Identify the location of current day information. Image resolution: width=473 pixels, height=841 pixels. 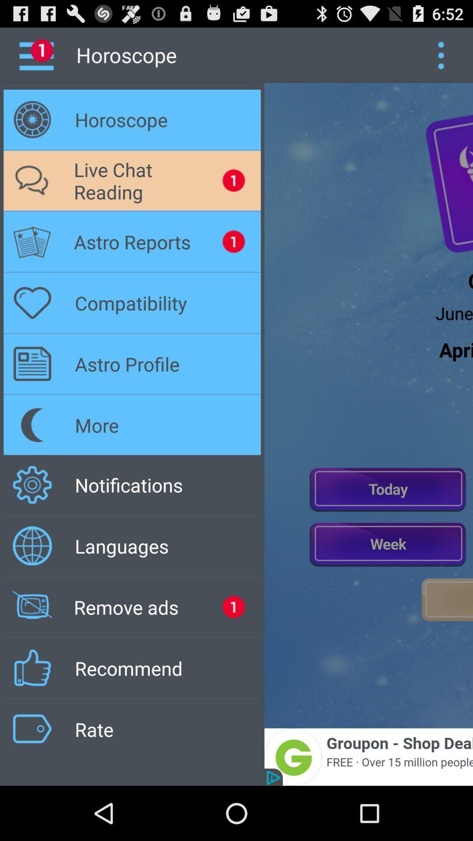
(388, 488).